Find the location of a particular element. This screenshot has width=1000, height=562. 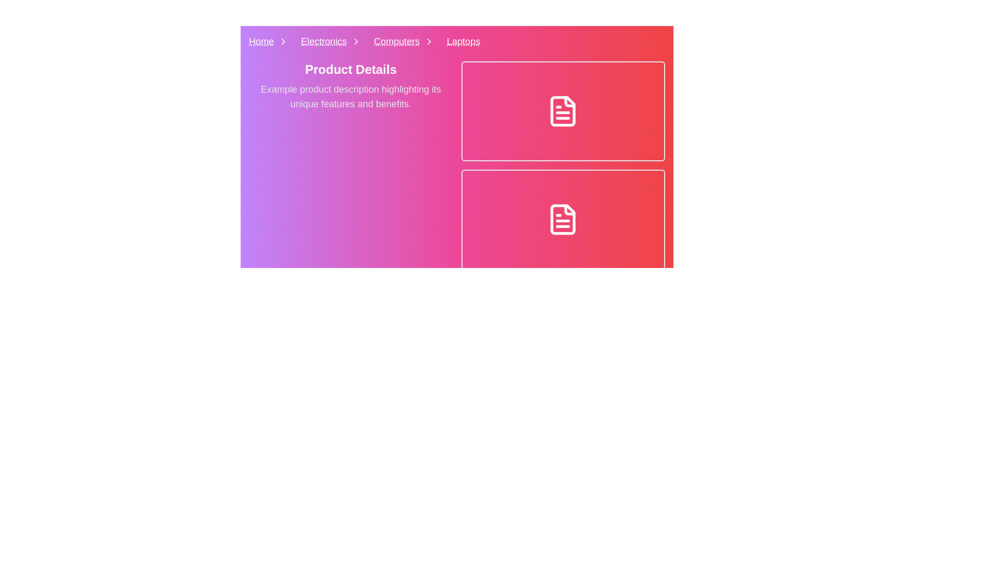

the hyperlink for 'Computers' in the breadcrumb list is located at coordinates (396, 41).